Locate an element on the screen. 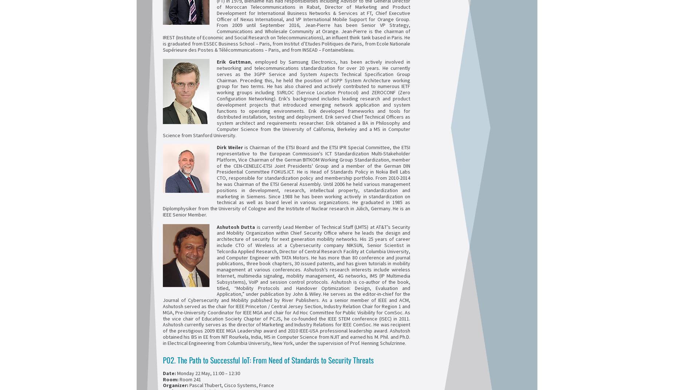  'Room 241' is located at coordinates (189, 379).